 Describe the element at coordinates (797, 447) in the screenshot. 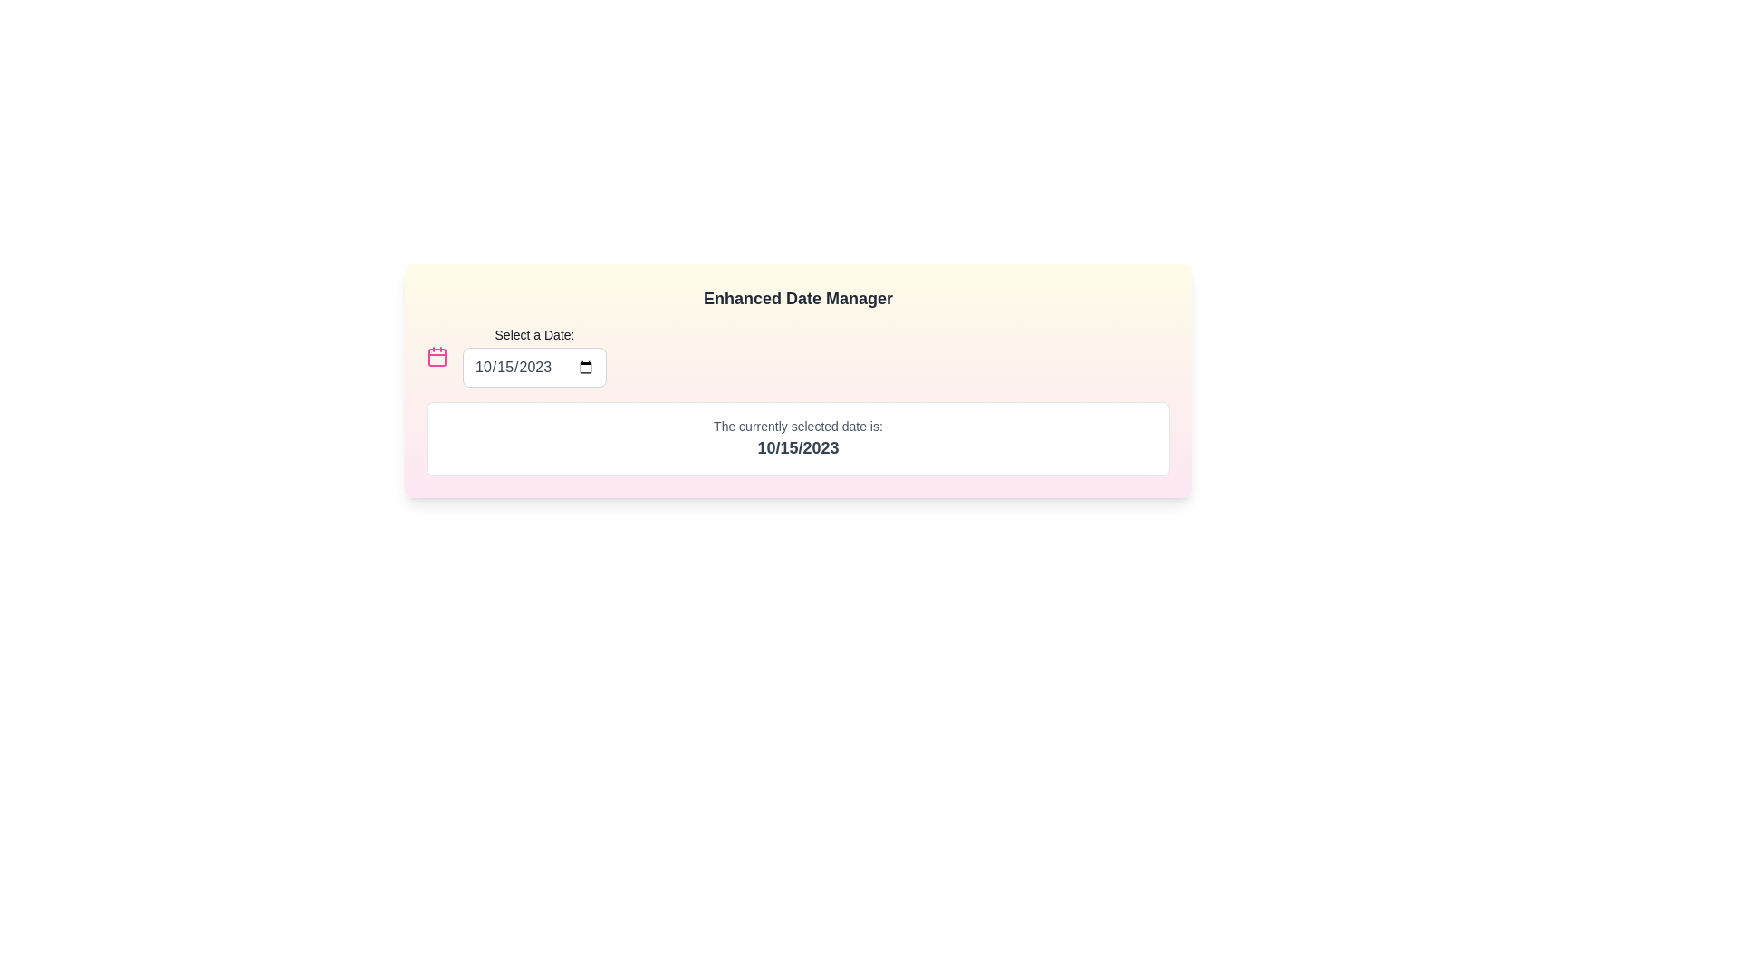

I see `date information displayed in the text label showing '10/15/2023', which is the highlighted date in the date selection interface` at that location.